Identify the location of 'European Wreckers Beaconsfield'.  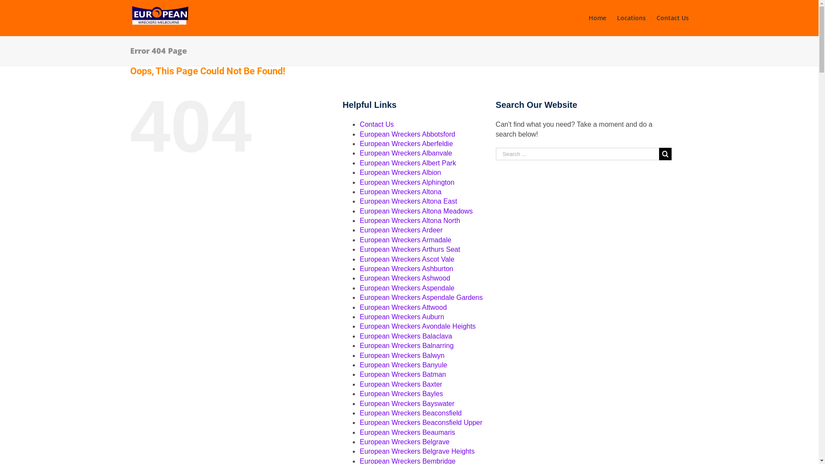
(410, 412).